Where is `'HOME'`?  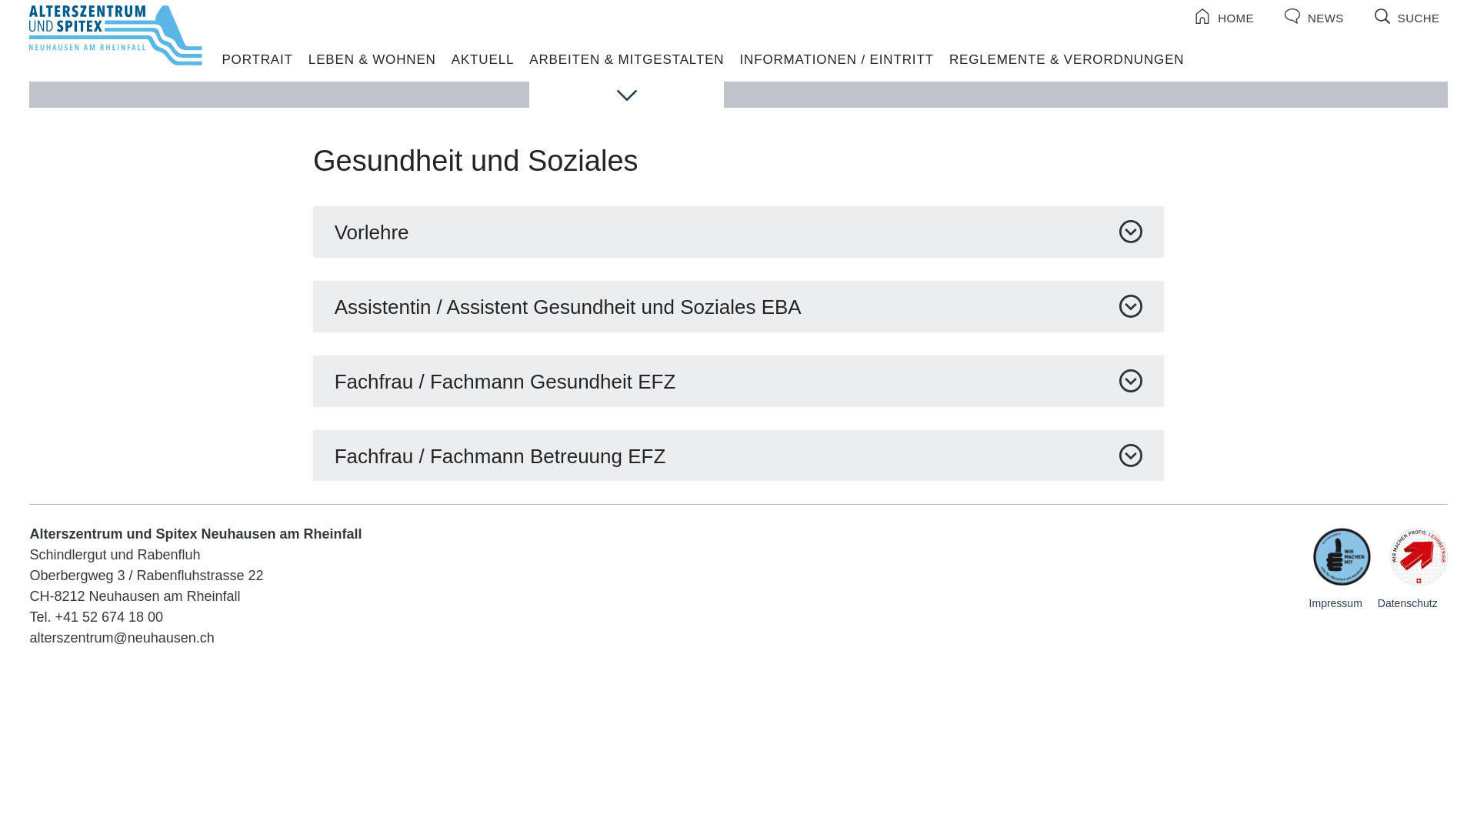 'HOME' is located at coordinates (1223, 15).